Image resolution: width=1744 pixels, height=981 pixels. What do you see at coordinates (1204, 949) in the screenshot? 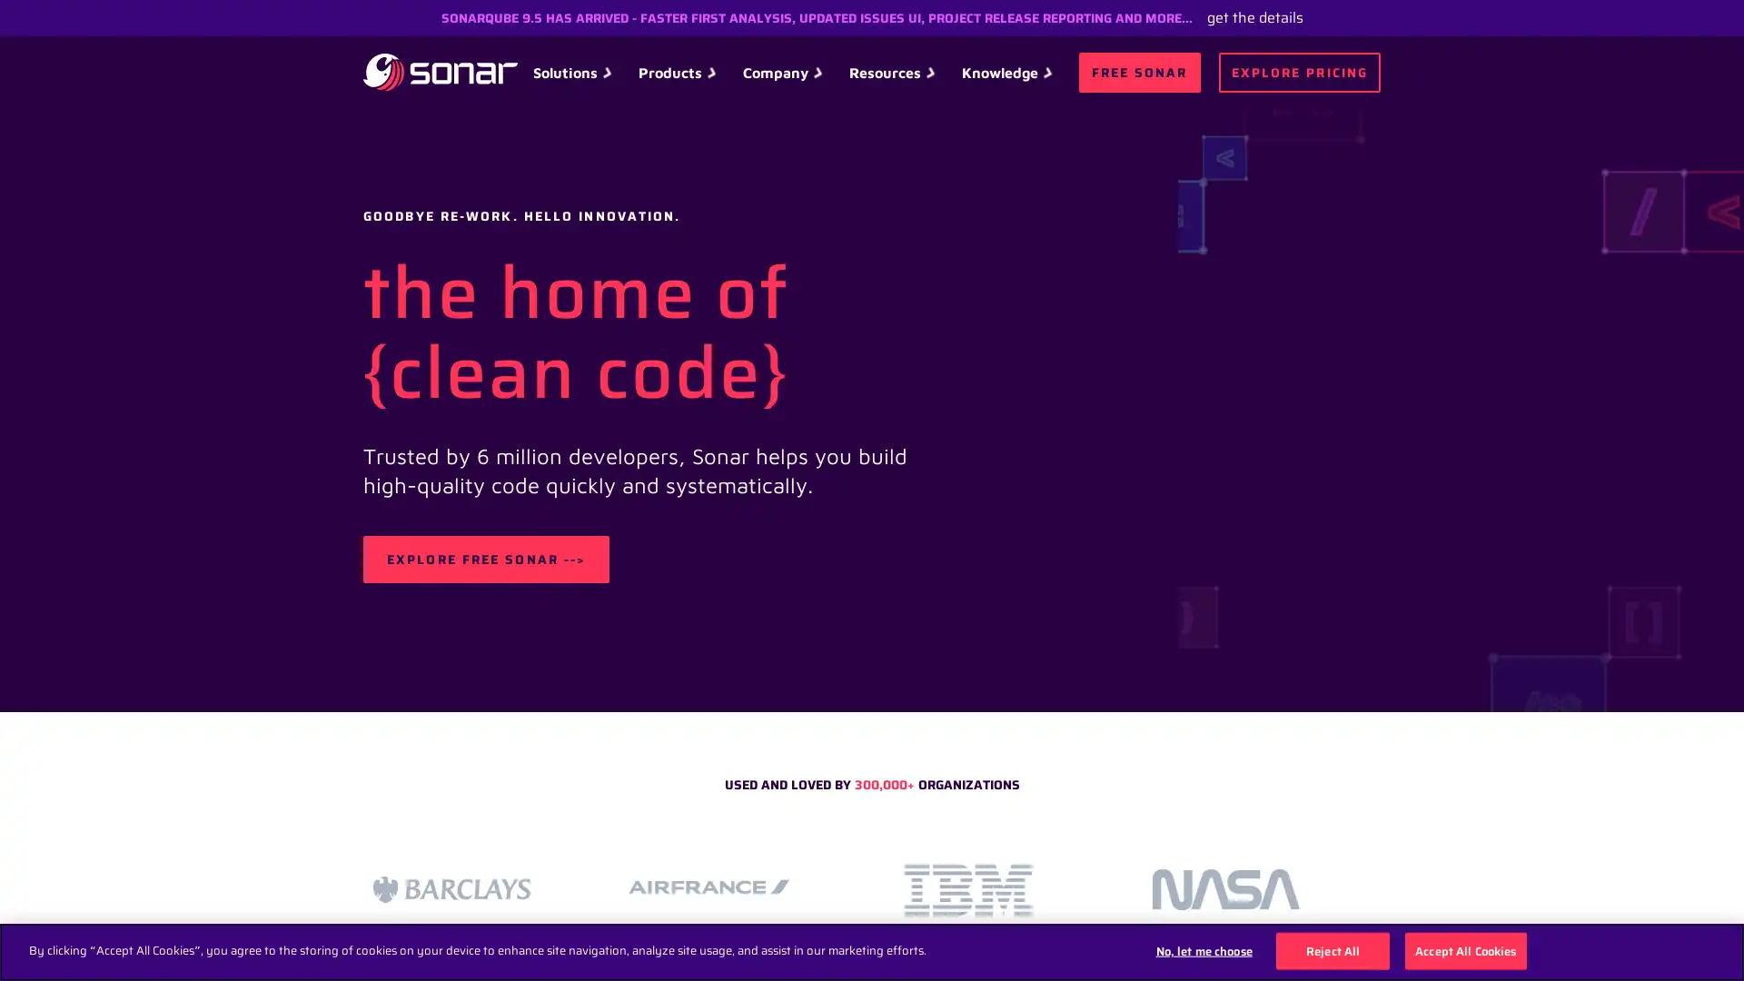
I see `No, let me choose` at bounding box center [1204, 949].